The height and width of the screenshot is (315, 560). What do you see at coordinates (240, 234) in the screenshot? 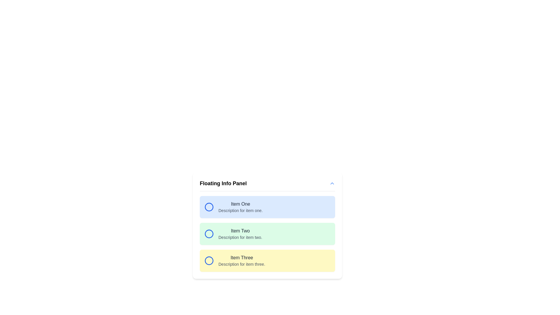
I see `the second informational Text block in the 'Floating Info Panel' that provides details about the second item in the list` at bounding box center [240, 234].